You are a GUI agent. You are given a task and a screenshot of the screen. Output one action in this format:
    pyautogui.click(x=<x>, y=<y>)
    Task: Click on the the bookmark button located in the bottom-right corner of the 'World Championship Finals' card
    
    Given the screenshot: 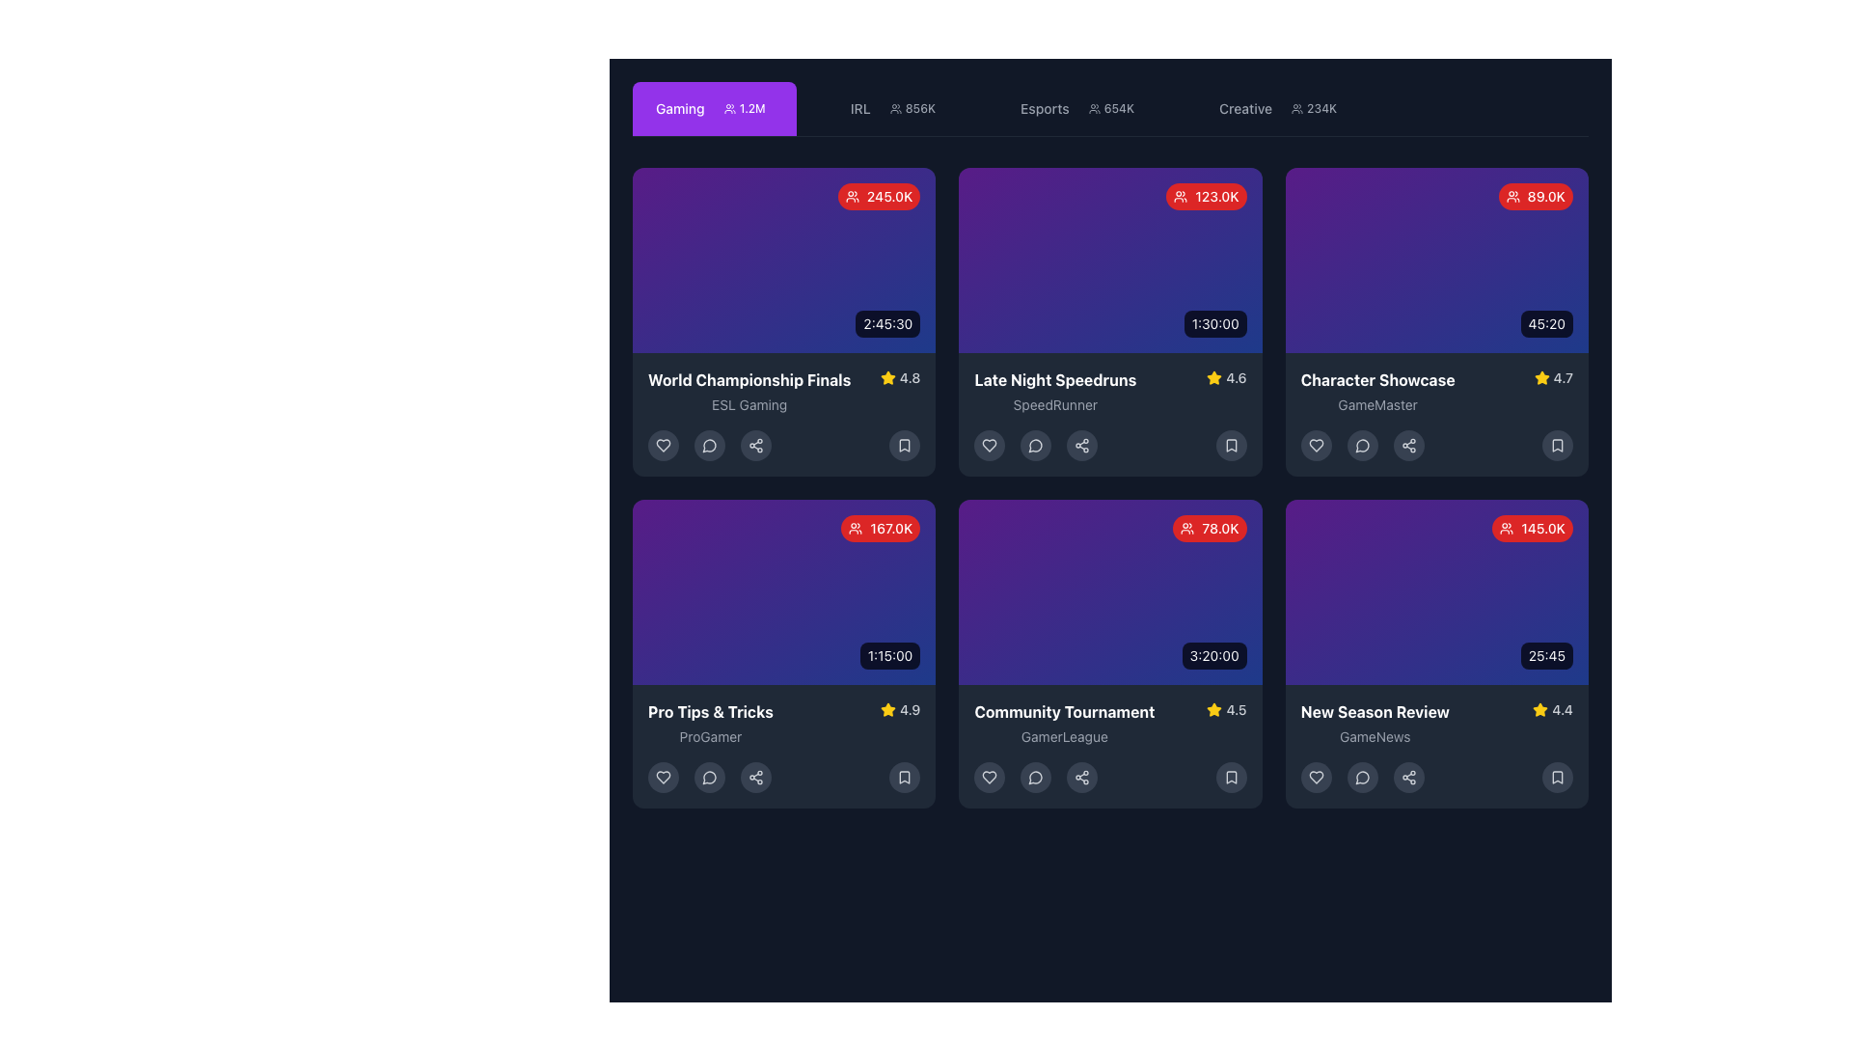 What is the action you would take?
    pyautogui.click(x=904, y=446)
    